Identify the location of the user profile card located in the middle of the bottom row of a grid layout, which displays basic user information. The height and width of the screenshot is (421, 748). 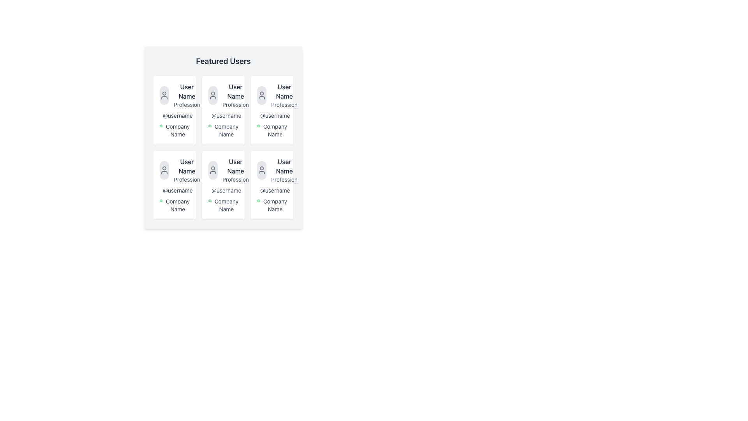
(223, 185).